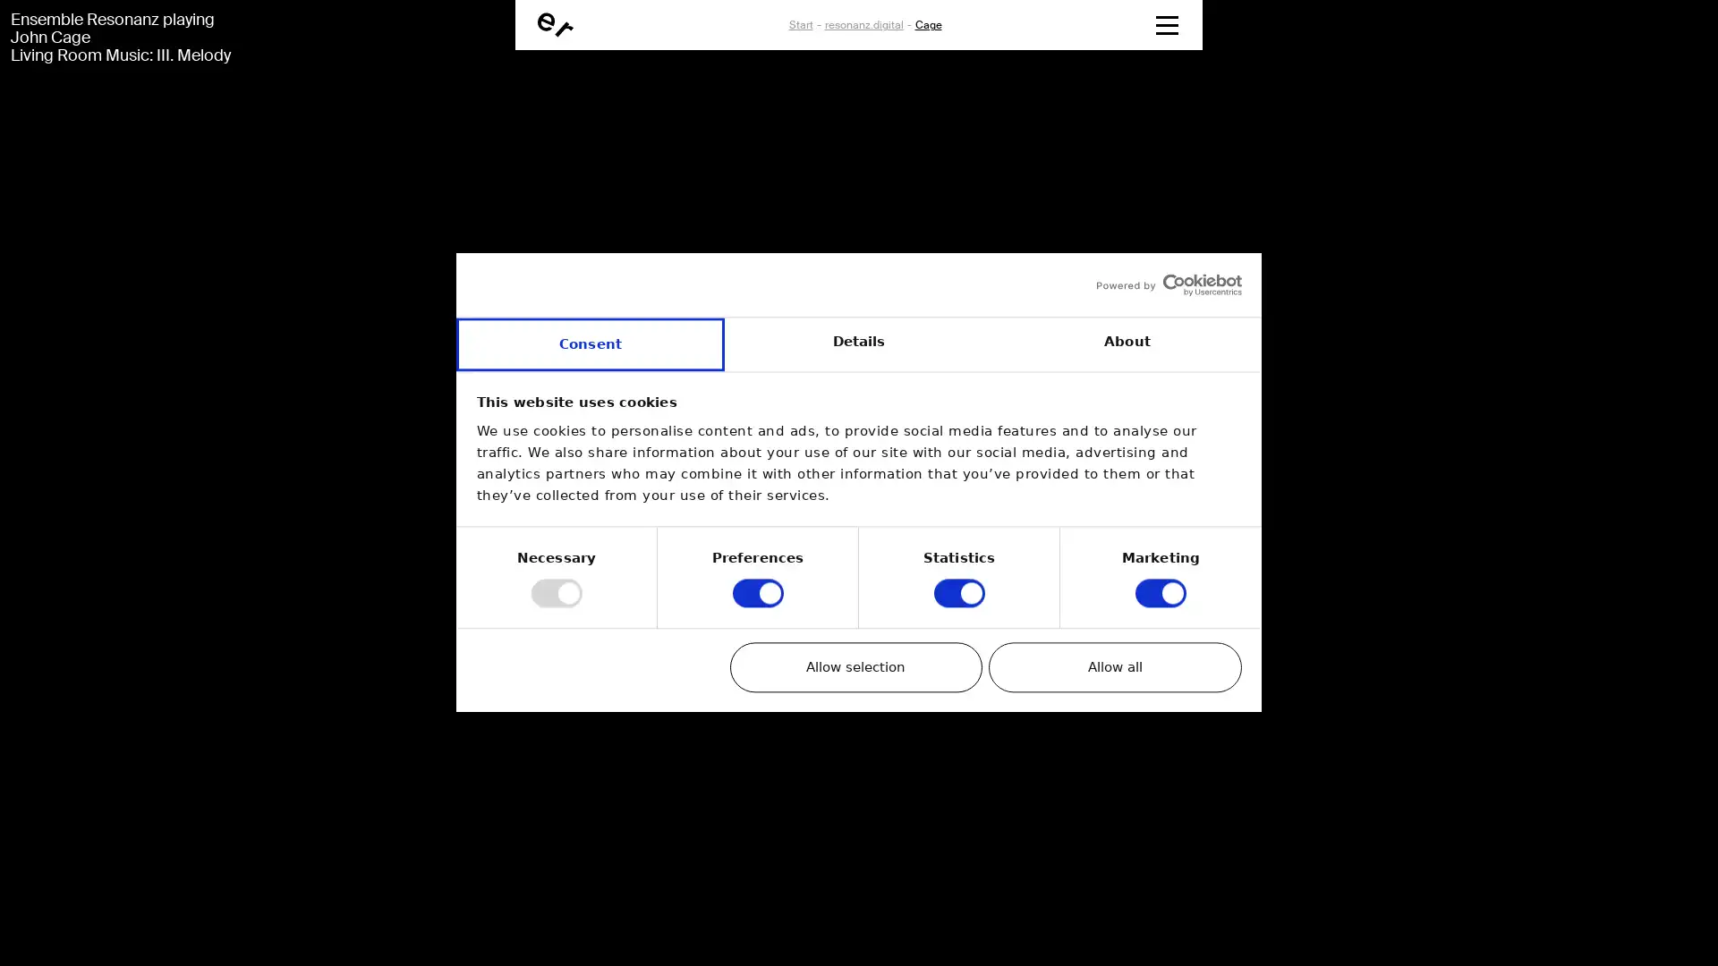 This screenshot has width=1718, height=966. Describe the element at coordinates (1544, 945) in the screenshot. I see `10` at that location.